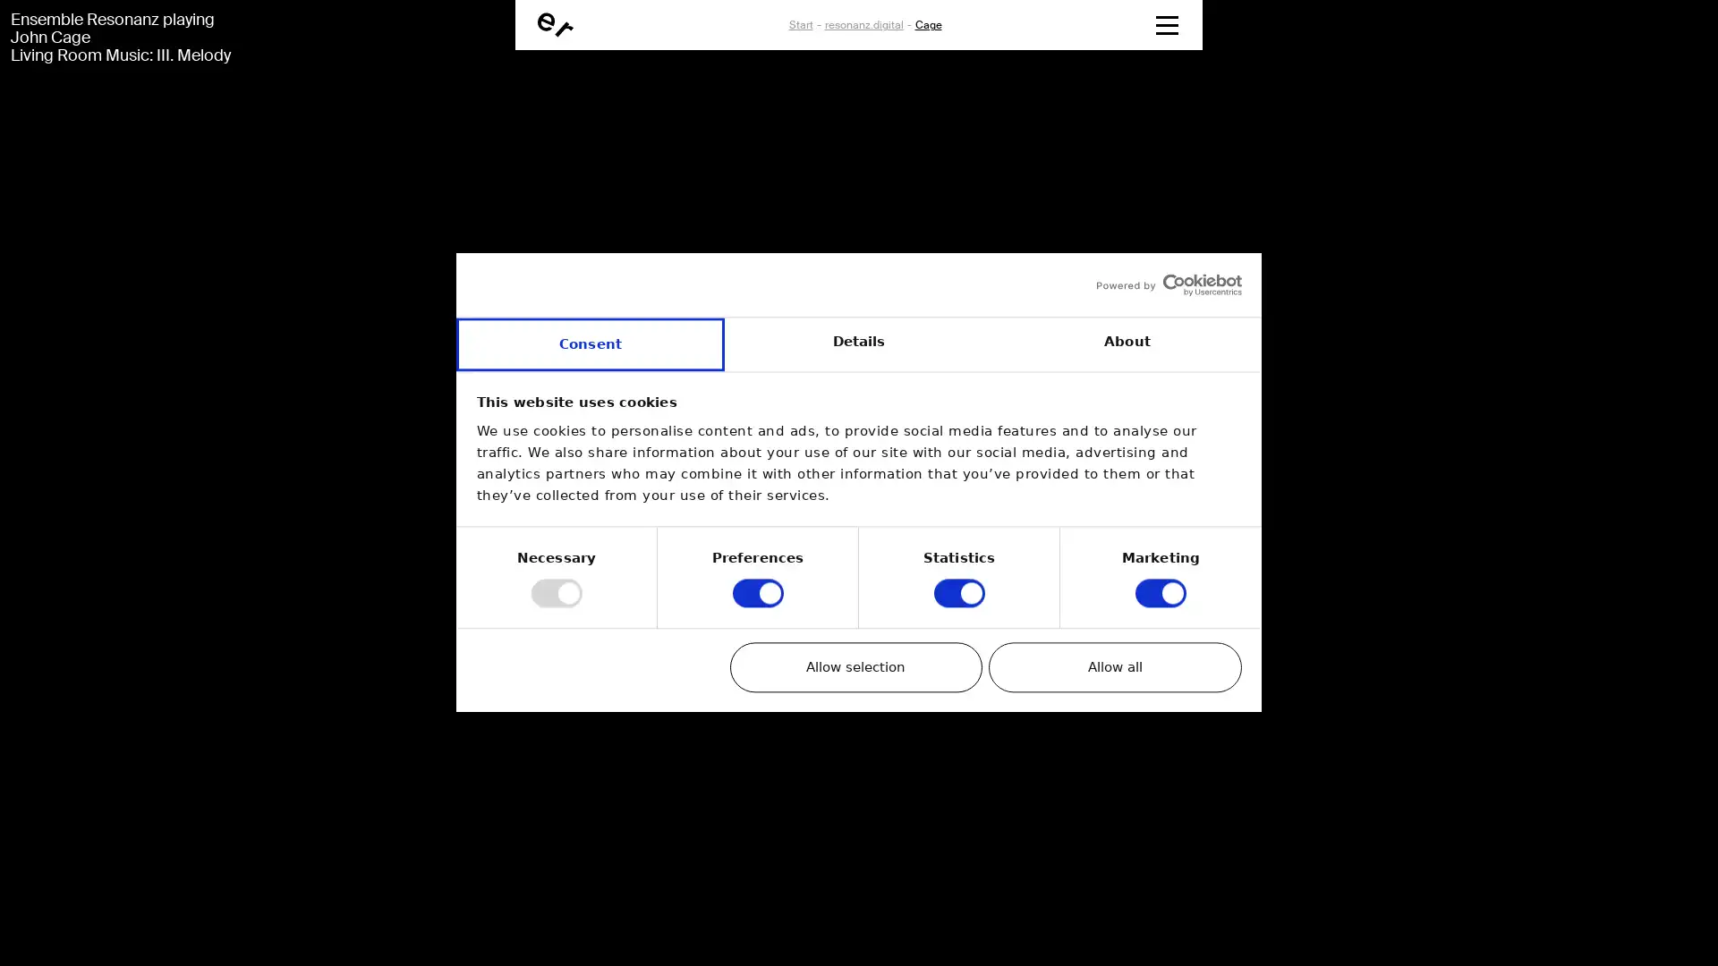 This screenshot has width=1718, height=966. Describe the element at coordinates (1544, 945) in the screenshot. I see `10` at that location.